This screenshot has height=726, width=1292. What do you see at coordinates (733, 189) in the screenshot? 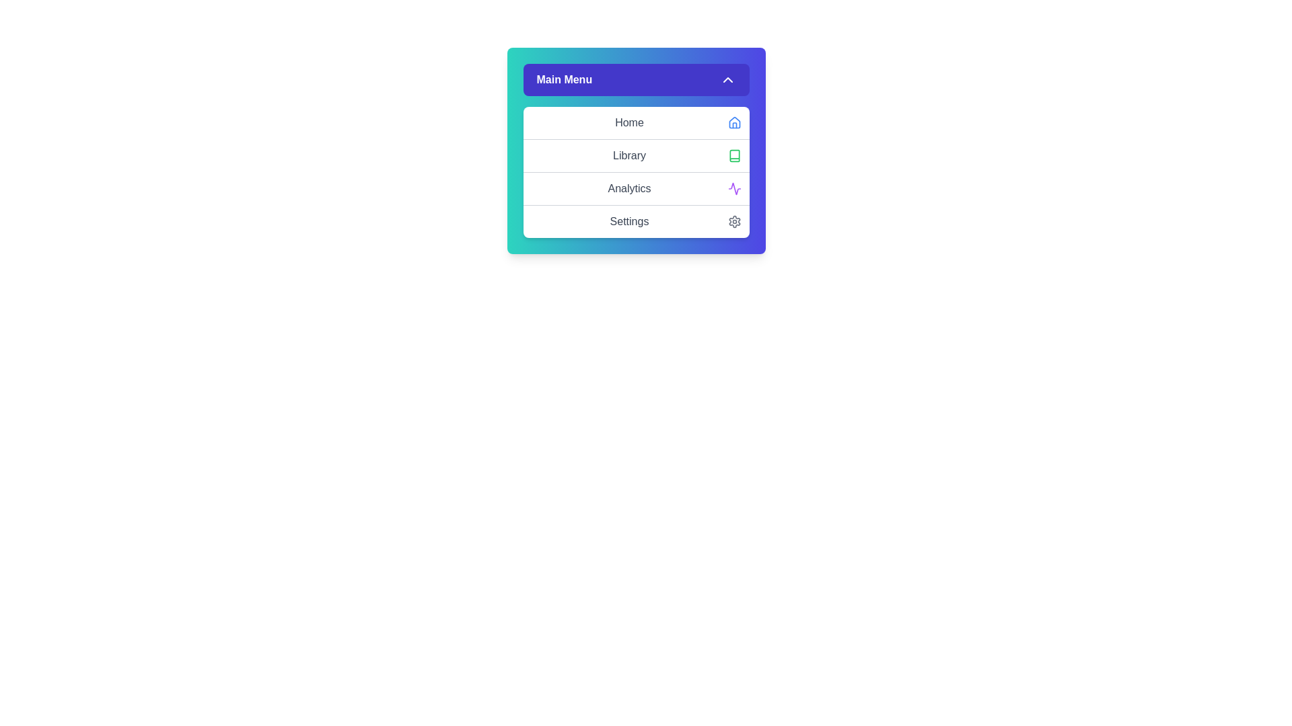
I see `the icon associated with the Analytics menu item` at bounding box center [733, 189].